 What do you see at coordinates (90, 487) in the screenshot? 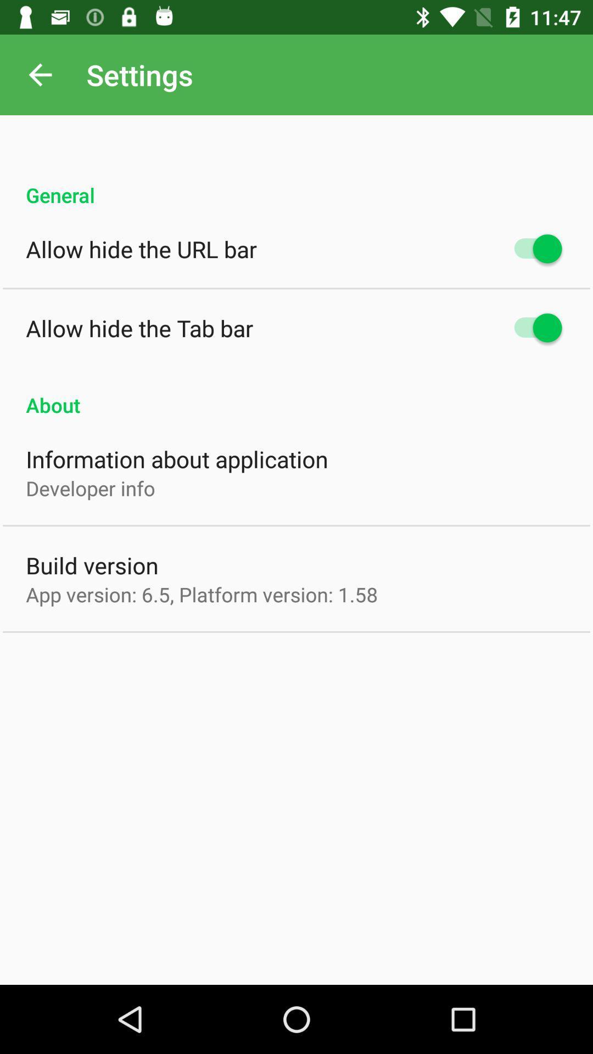
I see `the developer info icon` at bounding box center [90, 487].